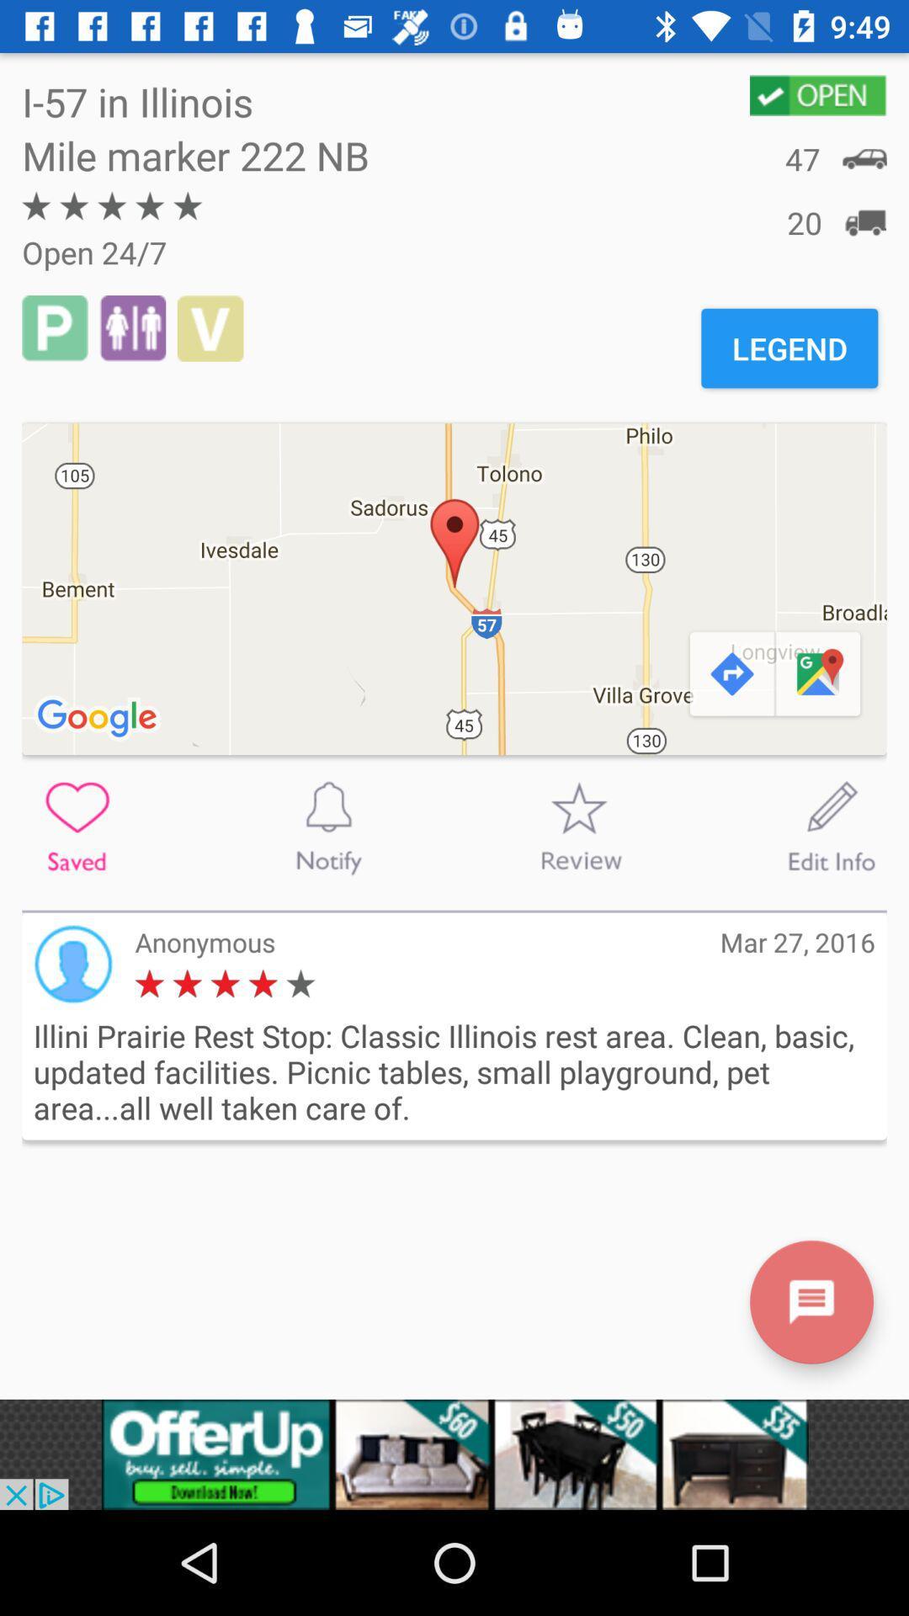 Image resolution: width=909 pixels, height=1616 pixels. Describe the element at coordinates (328, 827) in the screenshot. I see `nitify me about this property` at that location.